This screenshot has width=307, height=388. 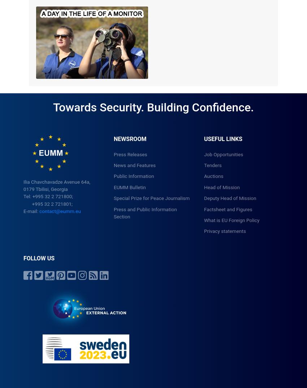 What do you see at coordinates (212, 165) in the screenshot?
I see `'Tenders'` at bounding box center [212, 165].